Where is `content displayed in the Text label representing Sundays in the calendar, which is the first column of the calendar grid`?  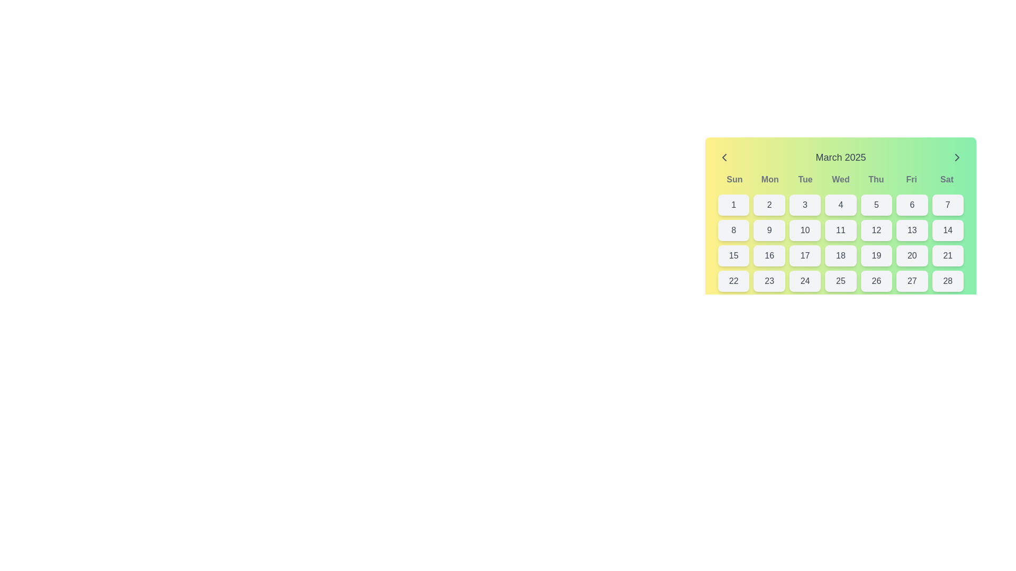
content displayed in the Text label representing Sundays in the calendar, which is the first column of the calendar grid is located at coordinates (734, 179).